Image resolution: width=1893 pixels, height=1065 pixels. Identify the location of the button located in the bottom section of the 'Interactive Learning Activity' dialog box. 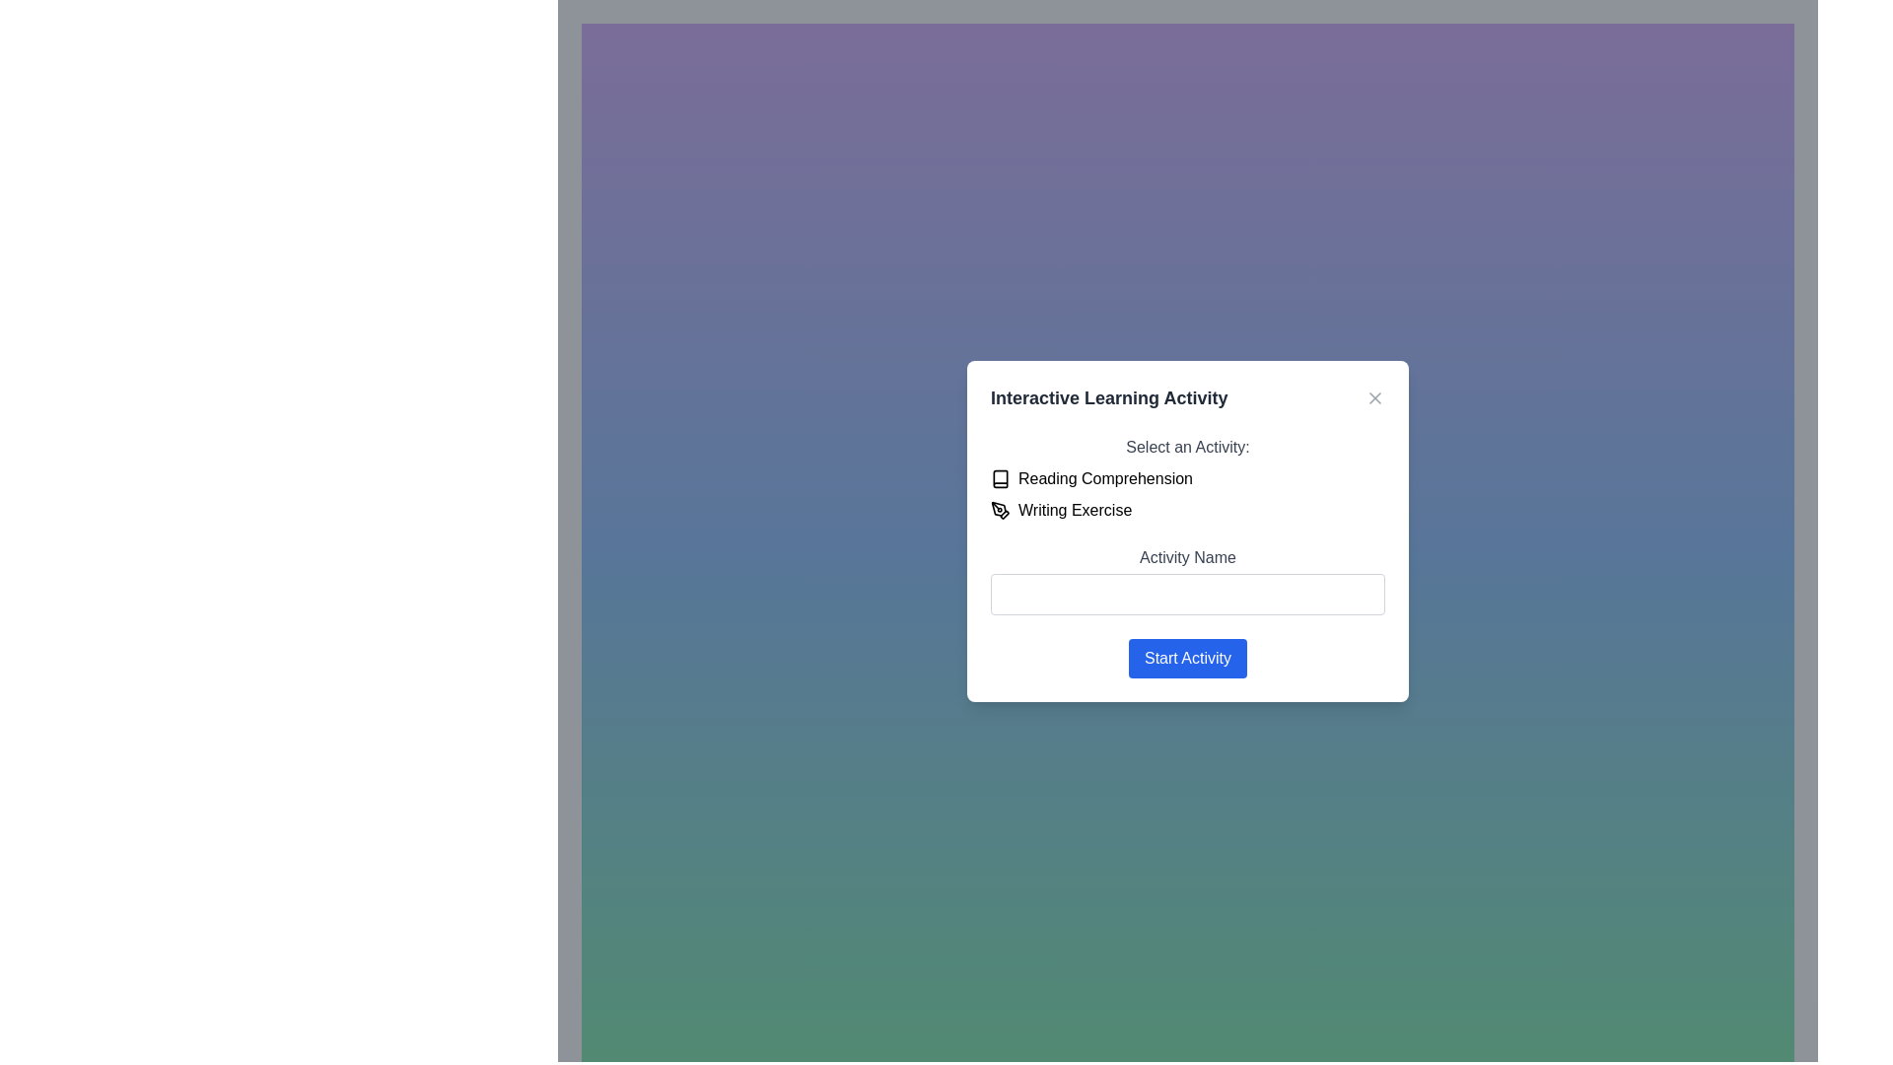
(1186, 658).